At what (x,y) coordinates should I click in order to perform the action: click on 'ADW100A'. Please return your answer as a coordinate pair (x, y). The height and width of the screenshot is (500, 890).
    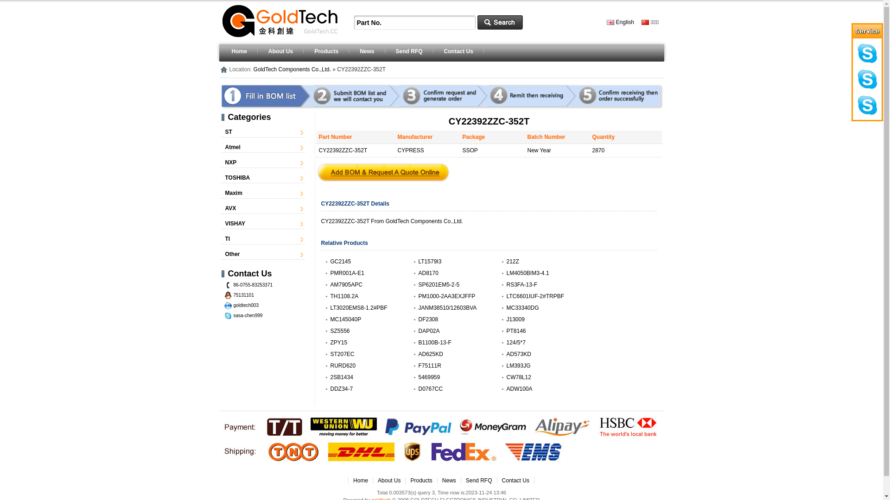
    Looking at the image, I should click on (505, 389).